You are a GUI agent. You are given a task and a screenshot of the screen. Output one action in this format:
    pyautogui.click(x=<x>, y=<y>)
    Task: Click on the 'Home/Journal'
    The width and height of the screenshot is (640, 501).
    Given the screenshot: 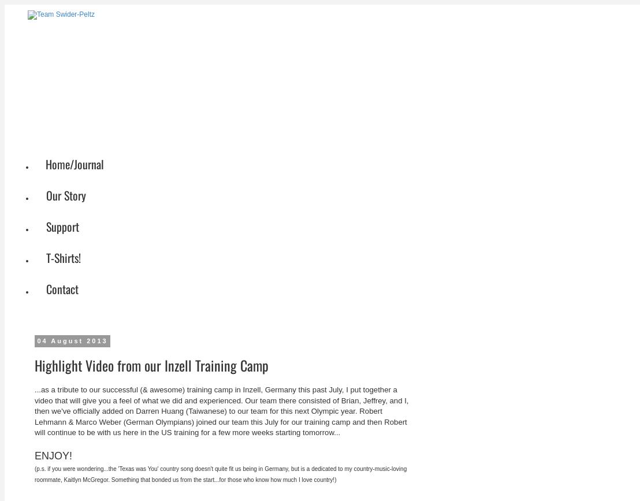 What is the action you would take?
    pyautogui.click(x=75, y=164)
    